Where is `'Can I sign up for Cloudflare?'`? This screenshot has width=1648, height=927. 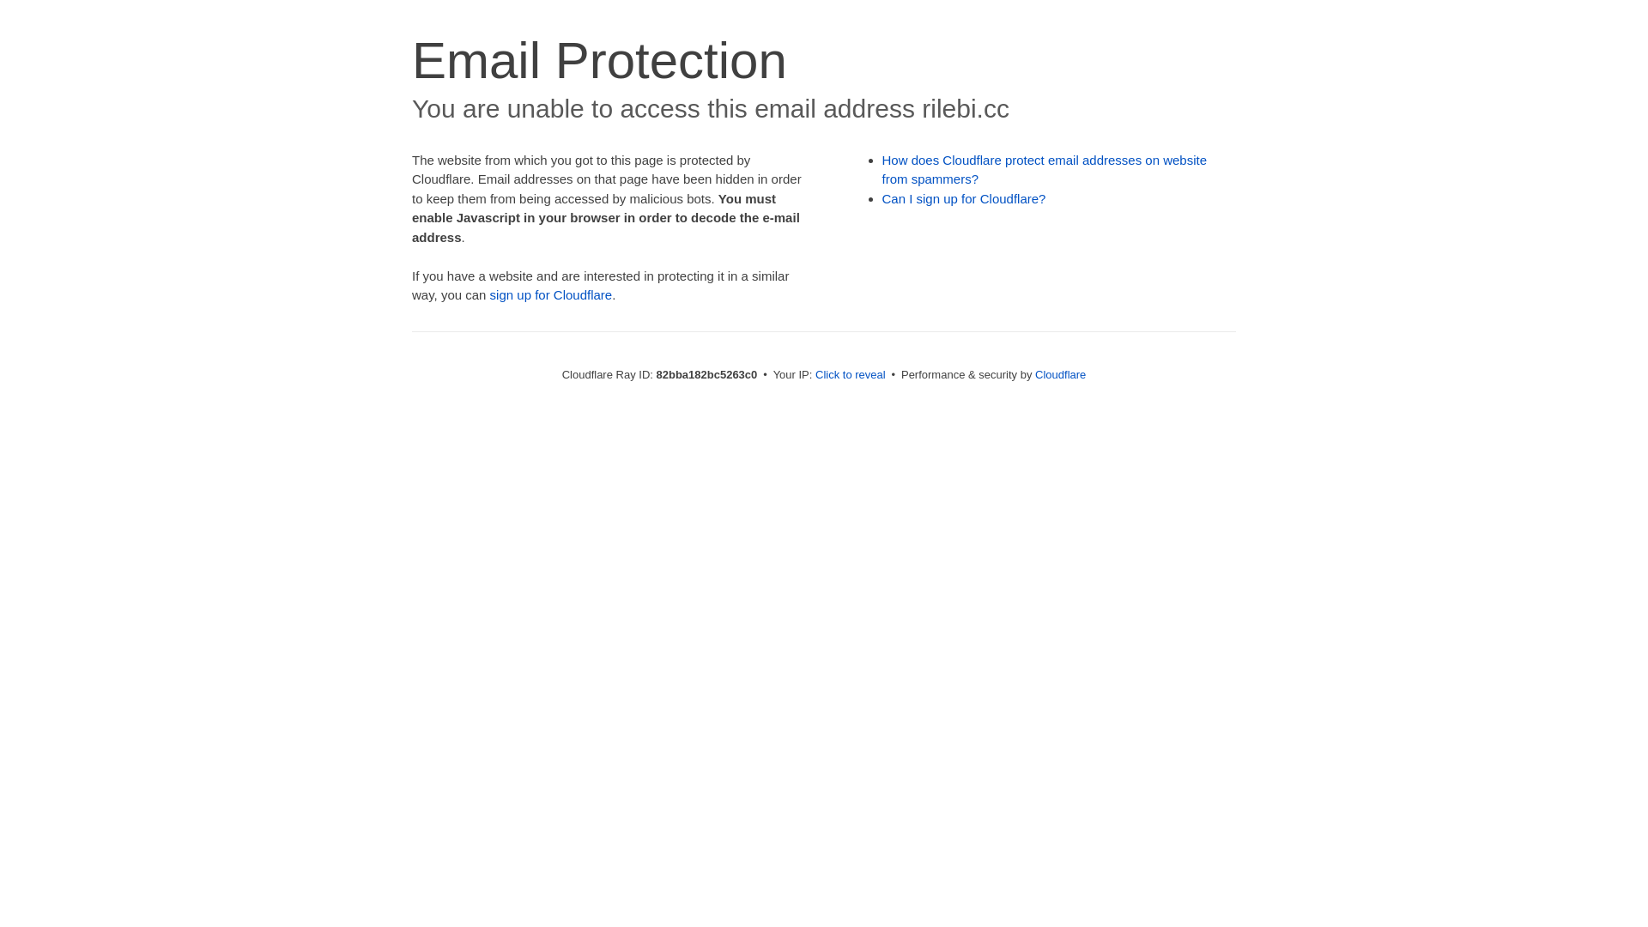 'Can I sign up for Cloudflare?' is located at coordinates (964, 197).